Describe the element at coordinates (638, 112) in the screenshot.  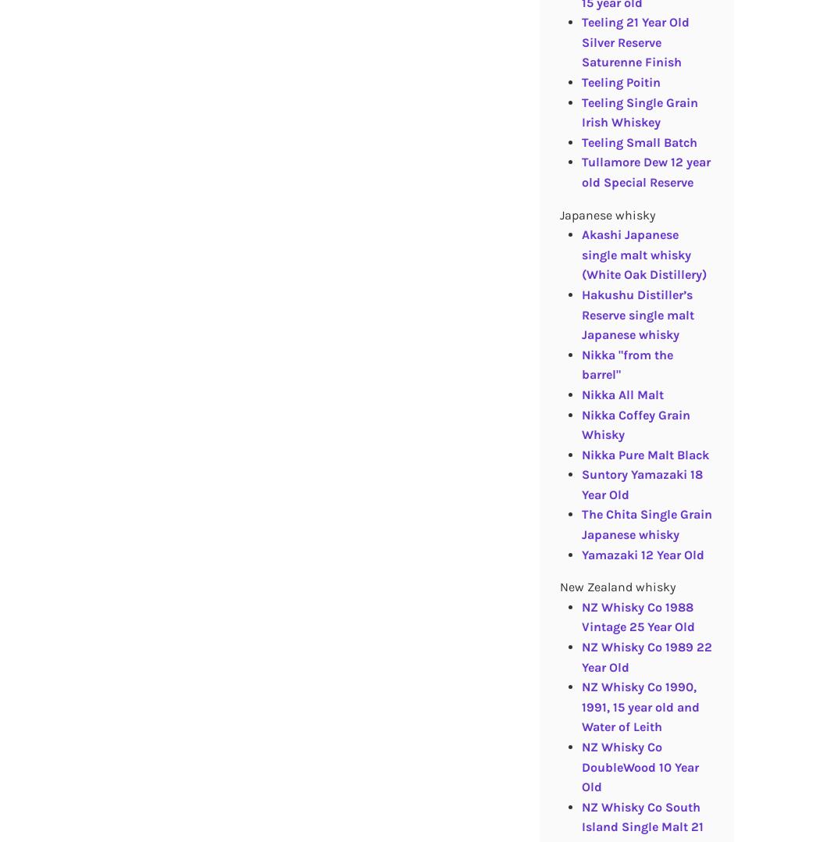
I see `'Teeling Single Grain Irish Whiskey'` at that location.